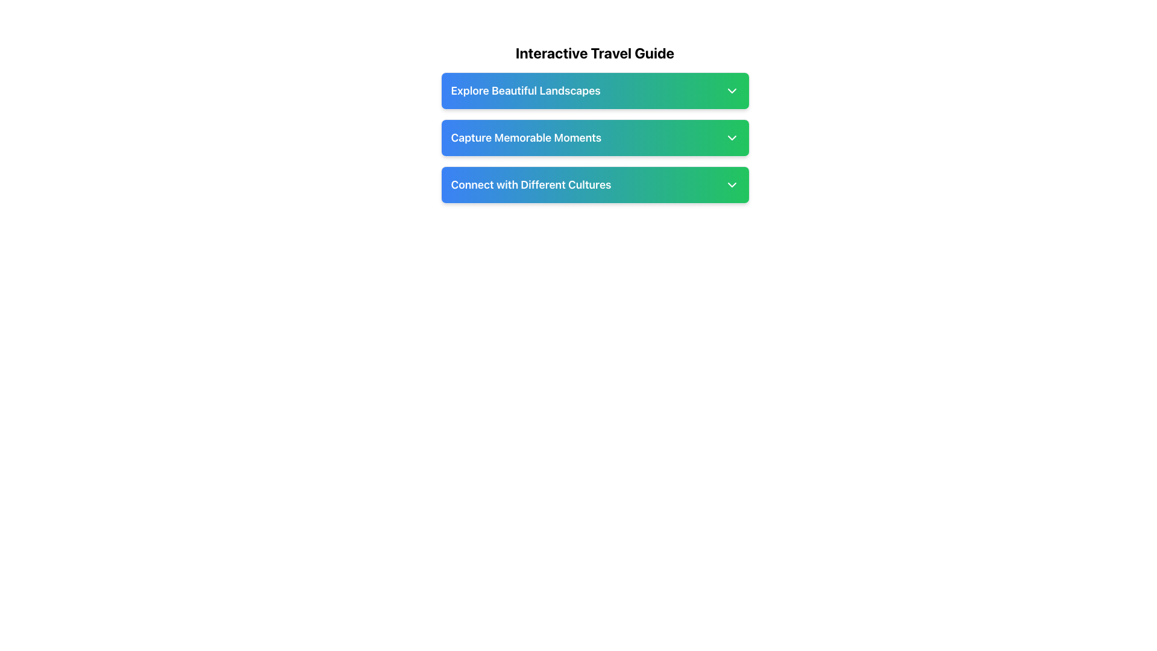 The image size is (1157, 651). I want to click on the Text Label element displaying 'Capture Memorable Moments', which is centered in the second row of a vertical stack and positioned between an icon on the right and padding on the left, so click(526, 137).